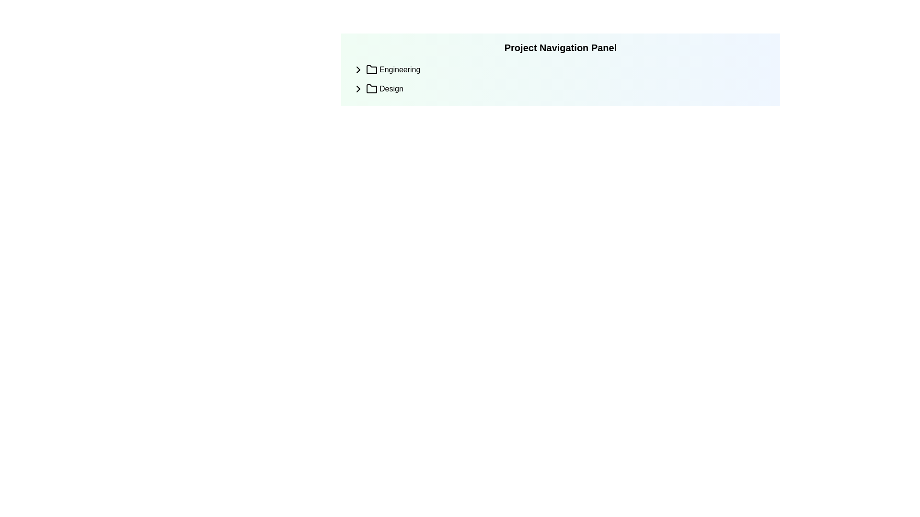  What do you see at coordinates (358, 69) in the screenshot?
I see `the rightward-pointing chevron icon next to the 'Engineering' text` at bounding box center [358, 69].